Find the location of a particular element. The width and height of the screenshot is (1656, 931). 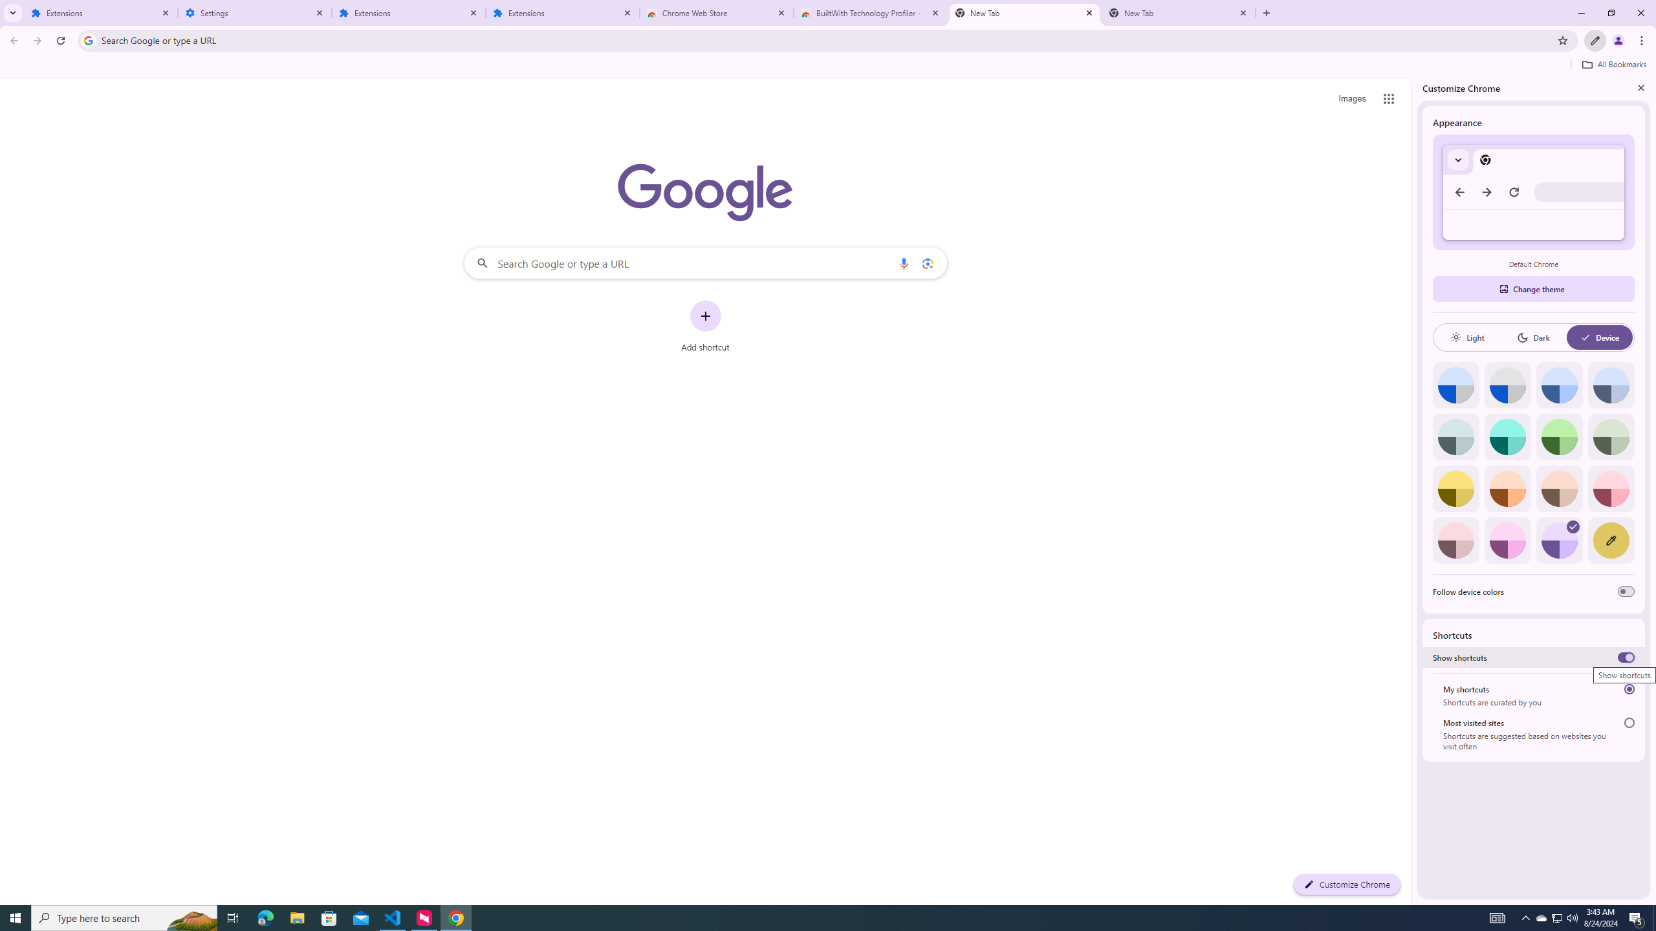

'Search Google or type a URL' is located at coordinates (704, 262).